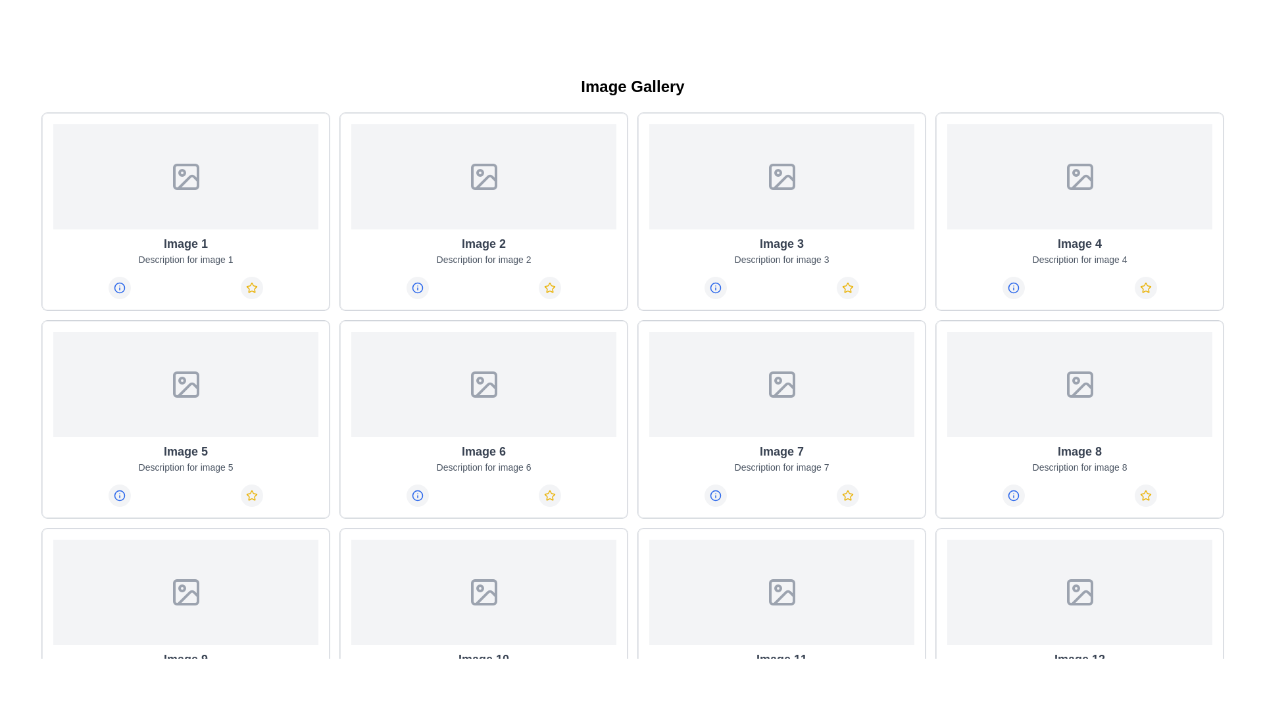  Describe the element at coordinates (848, 287) in the screenshot. I see `the 'favorite' button located below the card labeled 'Image 3' in the third column of the first row of the image gallery` at that location.